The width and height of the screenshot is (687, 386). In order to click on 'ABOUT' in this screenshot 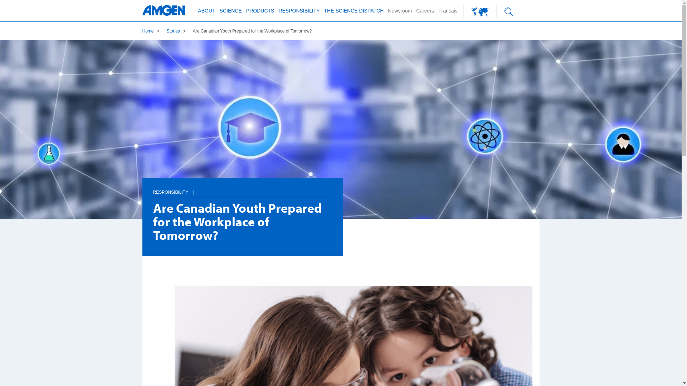, I will do `click(206, 11)`.